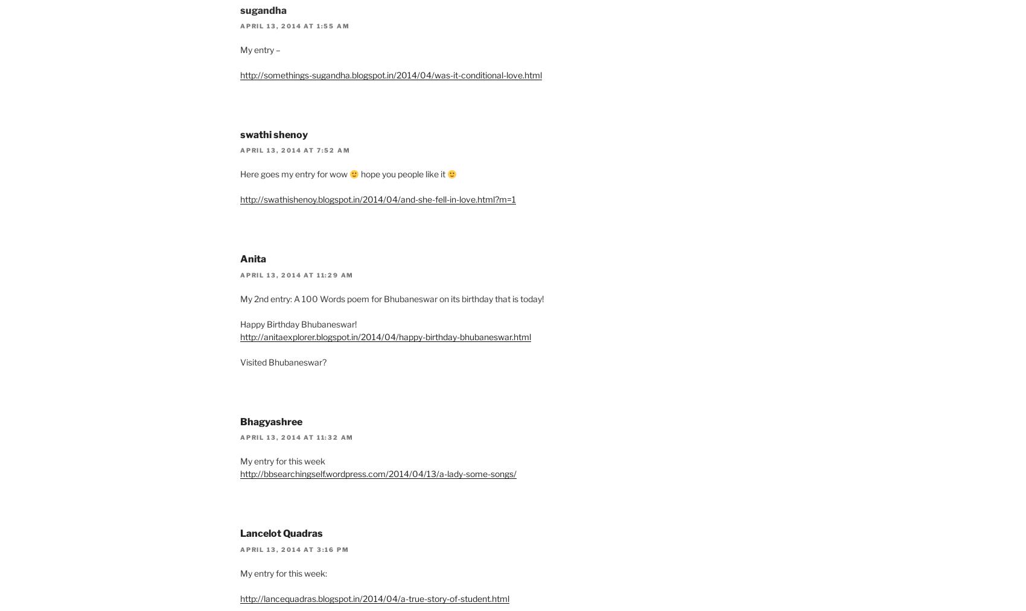 This screenshot has height=611, width=1026. What do you see at coordinates (403, 173) in the screenshot?
I see `'hope you people like it'` at bounding box center [403, 173].